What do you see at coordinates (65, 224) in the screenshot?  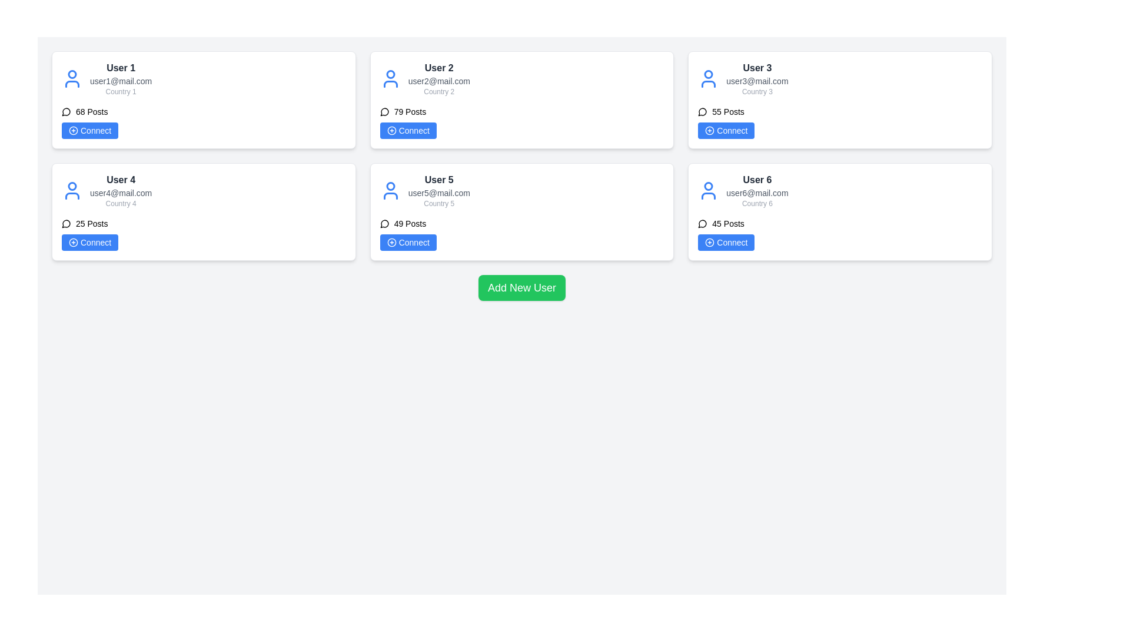 I see `the speech bubble icon located to the left of '25 Posts' for User 4` at bounding box center [65, 224].